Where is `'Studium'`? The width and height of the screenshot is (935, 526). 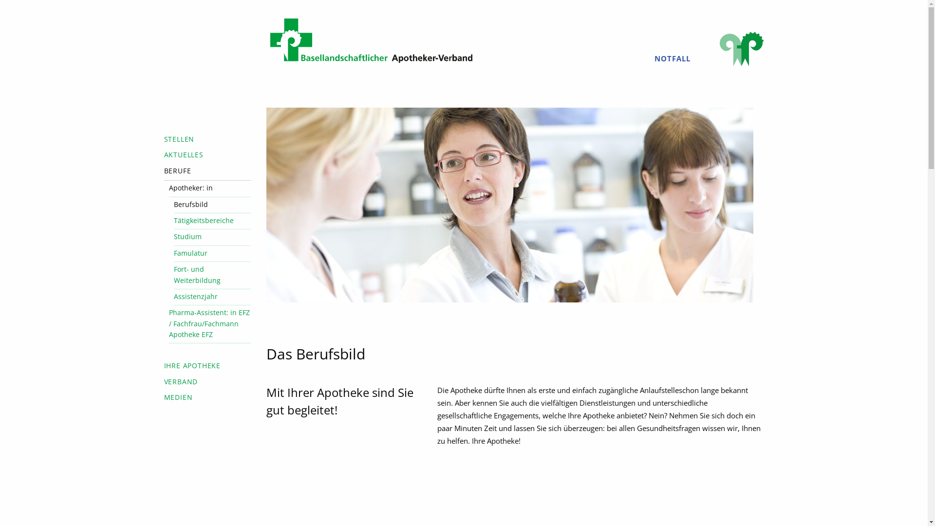
'Studium' is located at coordinates (173, 238).